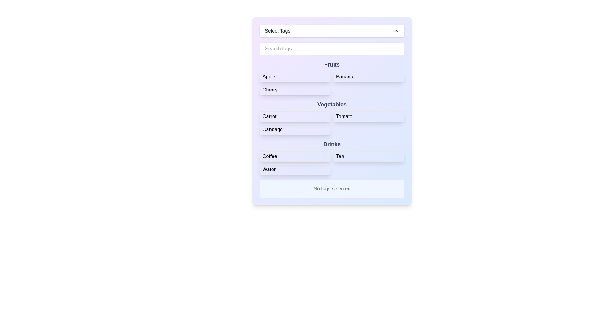 This screenshot has width=598, height=336. What do you see at coordinates (339, 156) in the screenshot?
I see `the 'Tea' label, which is a bold text label centered in the 'Drinks' section` at bounding box center [339, 156].